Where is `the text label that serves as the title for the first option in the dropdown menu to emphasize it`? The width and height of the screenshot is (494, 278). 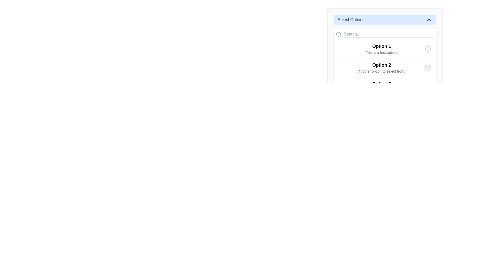 the text label that serves as the title for the first option in the dropdown menu to emphasize it is located at coordinates (382, 46).